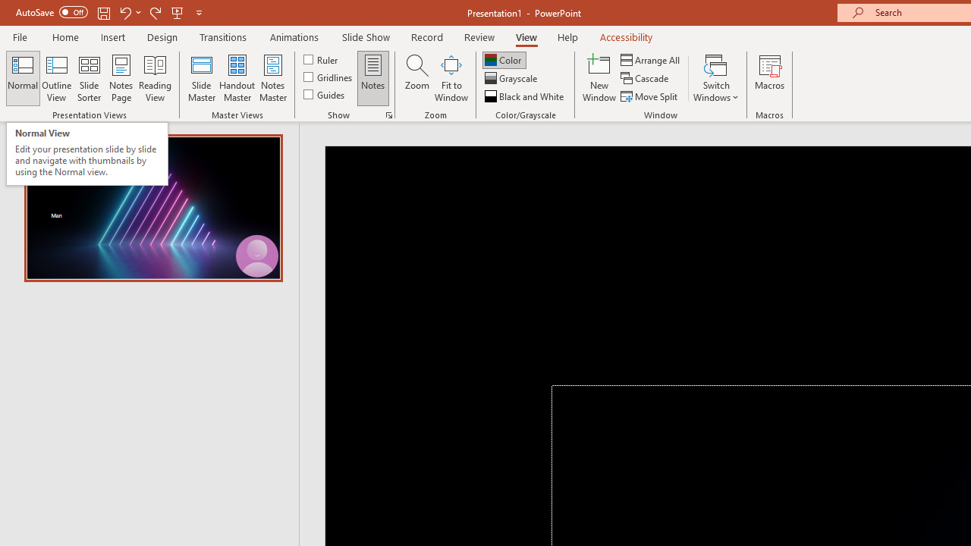 The image size is (971, 546). What do you see at coordinates (328, 77) in the screenshot?
I see `'Gridlines'` at bounding box center [328, 77].